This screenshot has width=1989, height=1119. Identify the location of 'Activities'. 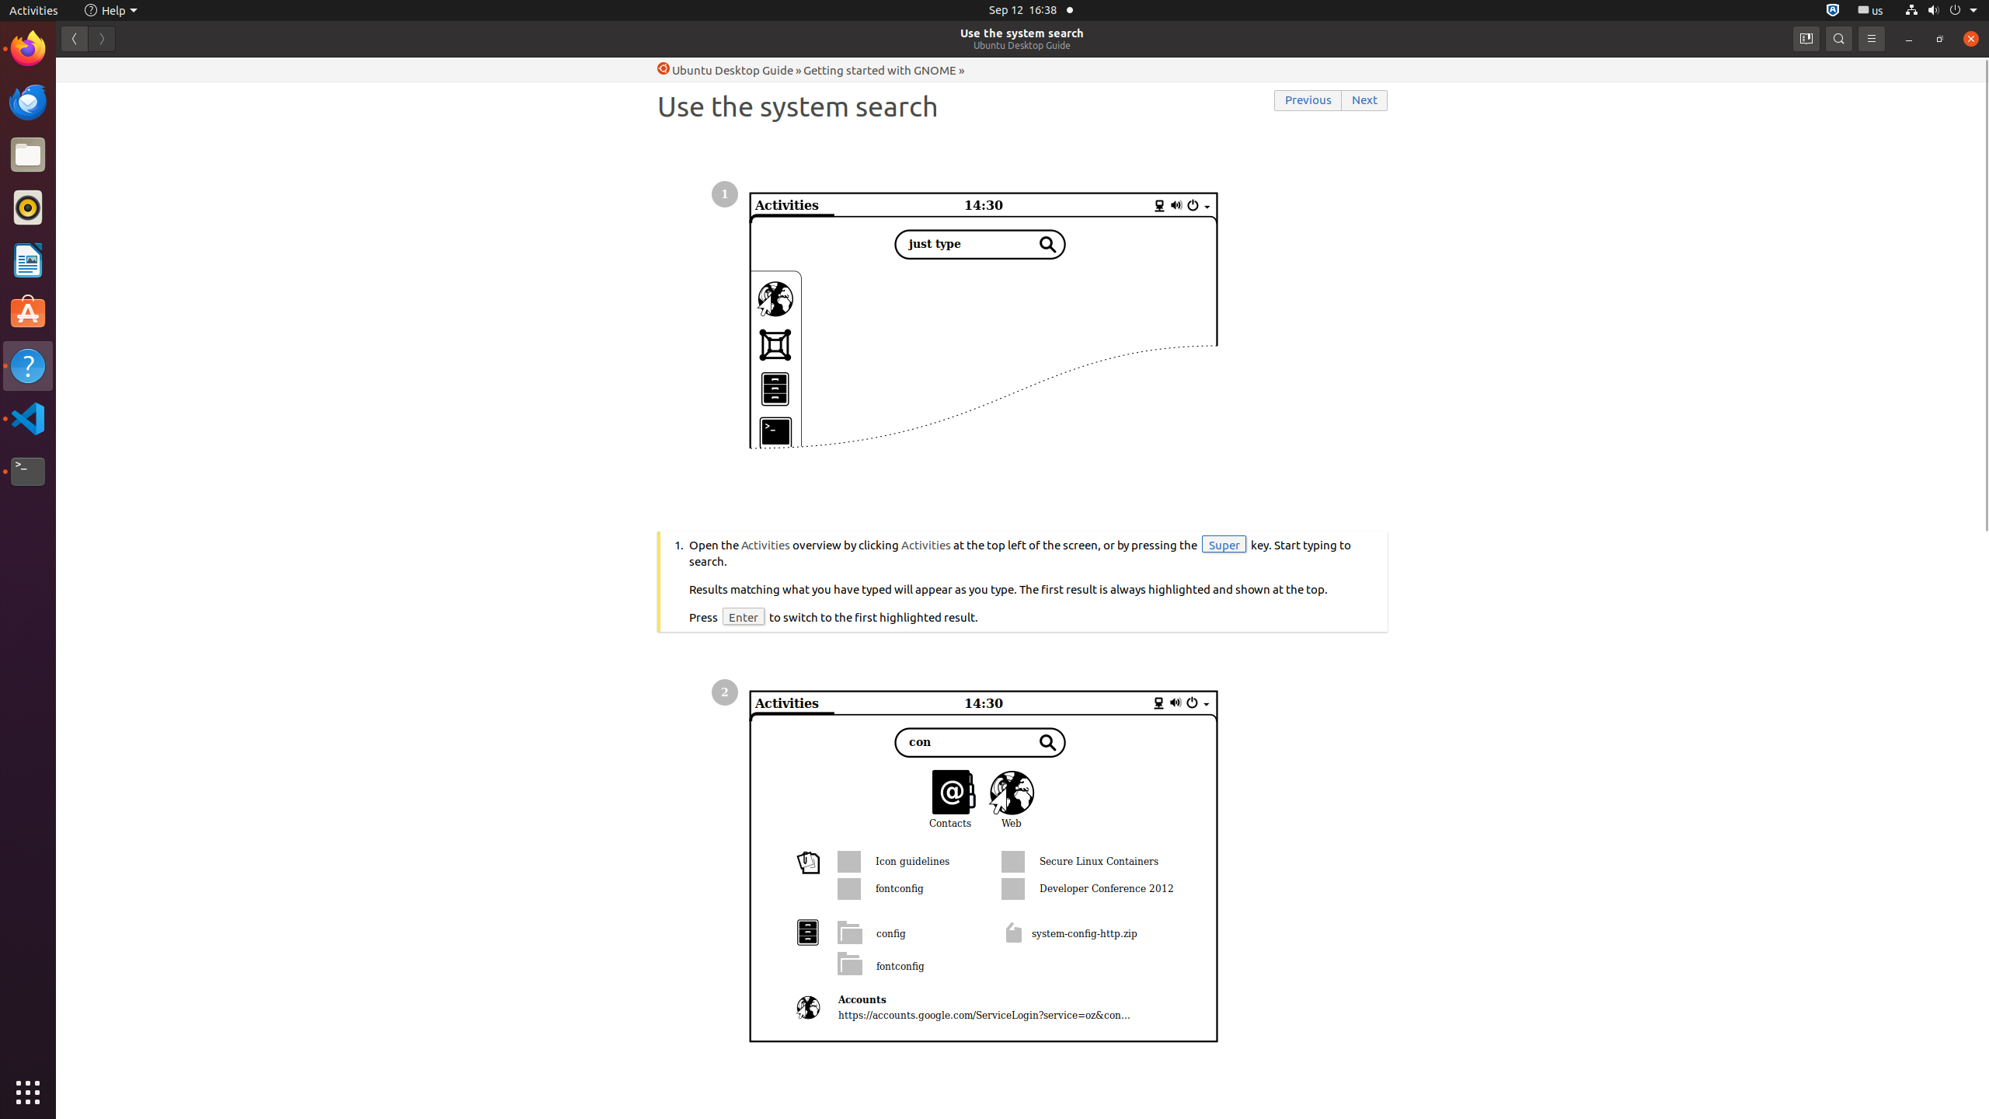
(33, 9).